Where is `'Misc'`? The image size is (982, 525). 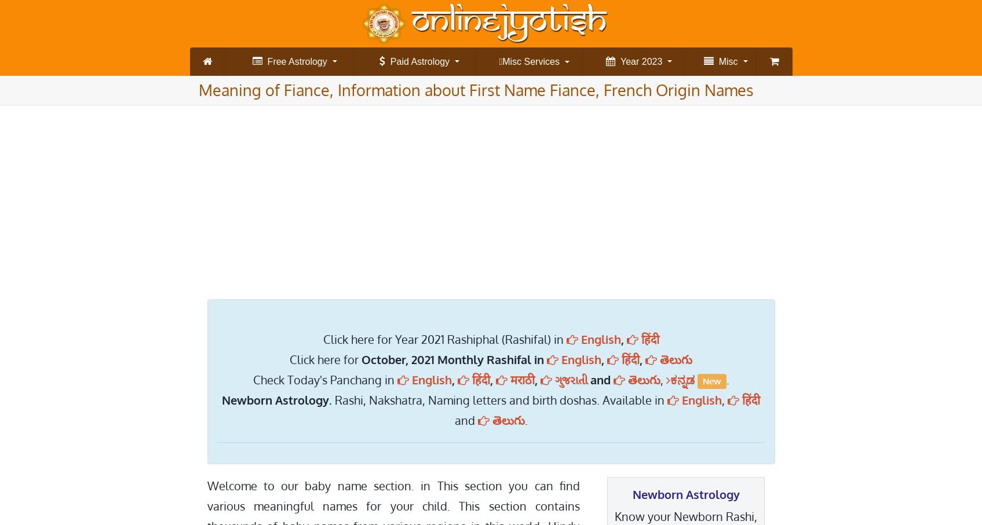 'Misc' is located at coordinates (724, 61).